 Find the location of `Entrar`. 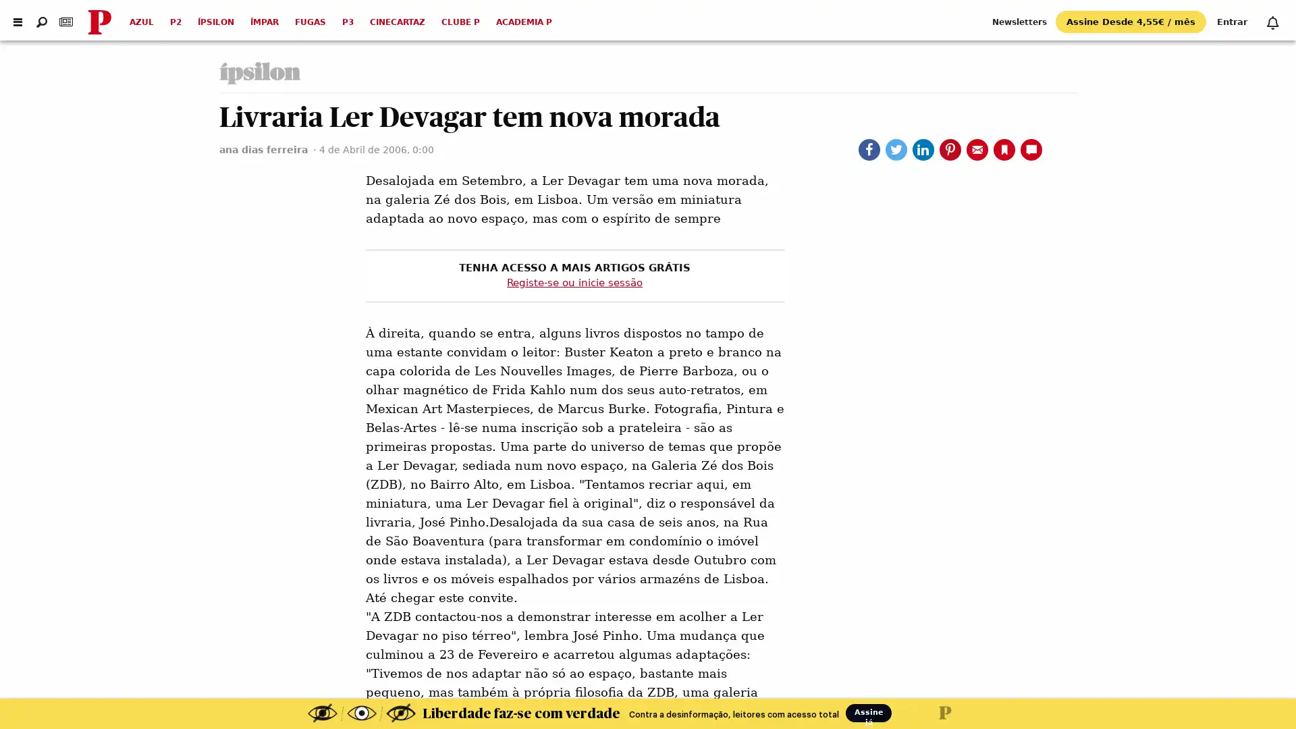

Entrar is located at coordinates (1232, 22).